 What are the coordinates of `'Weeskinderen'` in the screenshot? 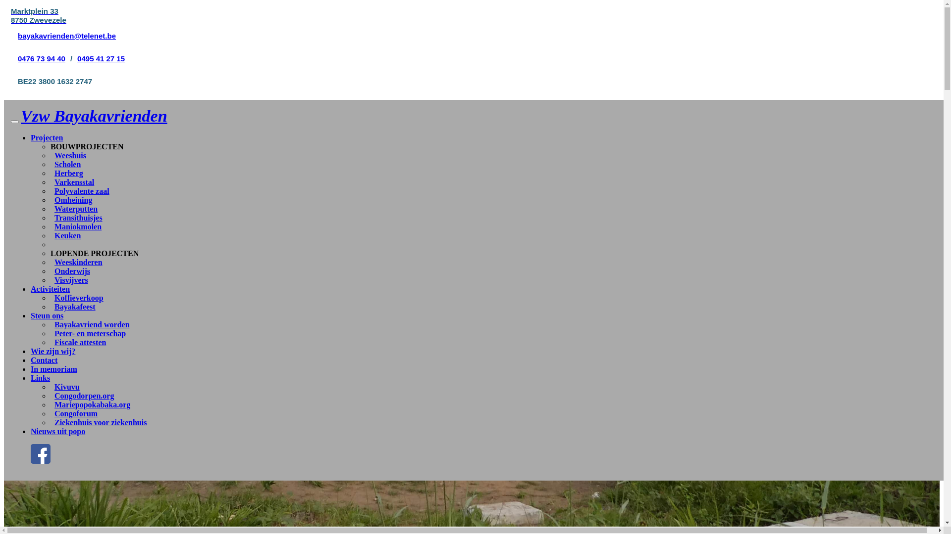 It's located at (76, 262).